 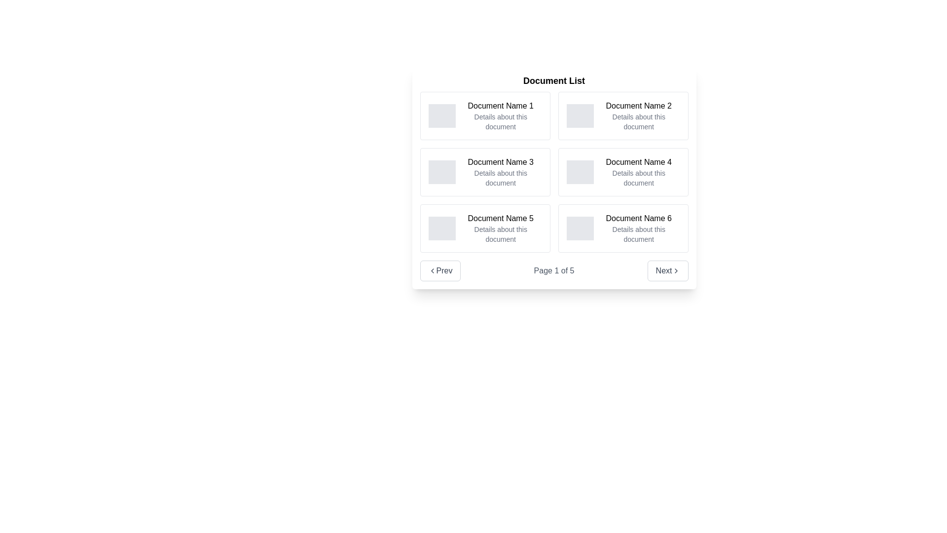 I want to click on the text label indicating the current page number and total pages in the pagination system, located between the 'Prev' and 'Next' buttons, so click(x=554, y=270).